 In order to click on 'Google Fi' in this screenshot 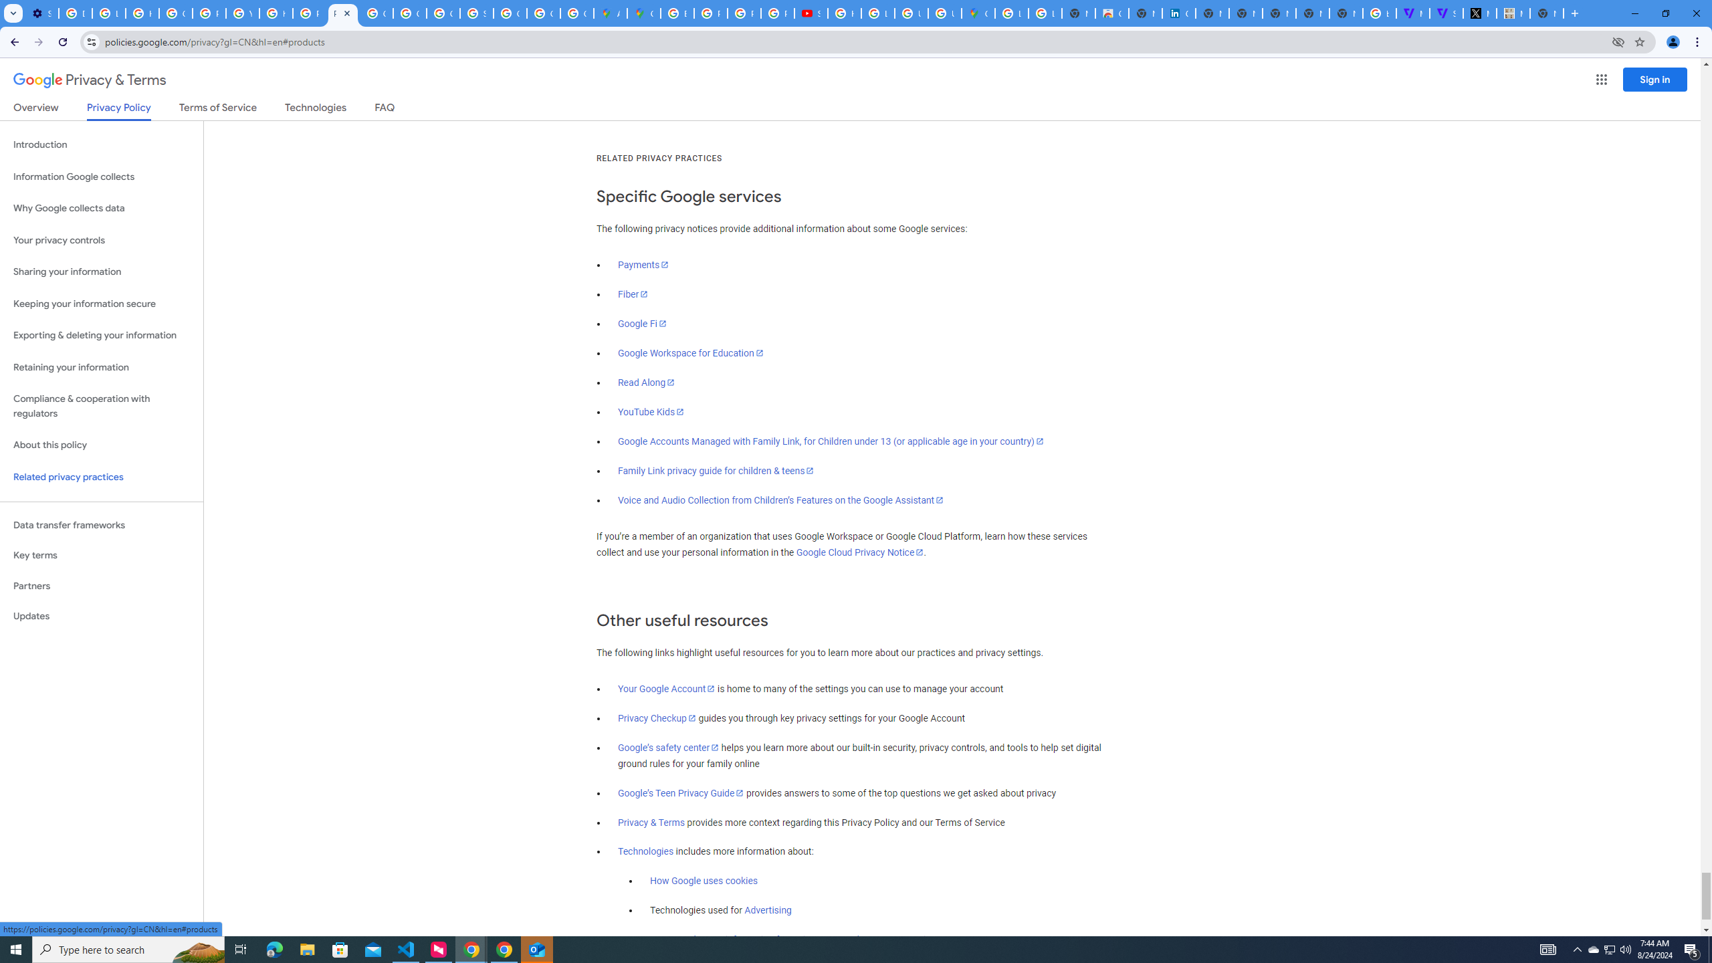, I will do `click(641, 322)`.